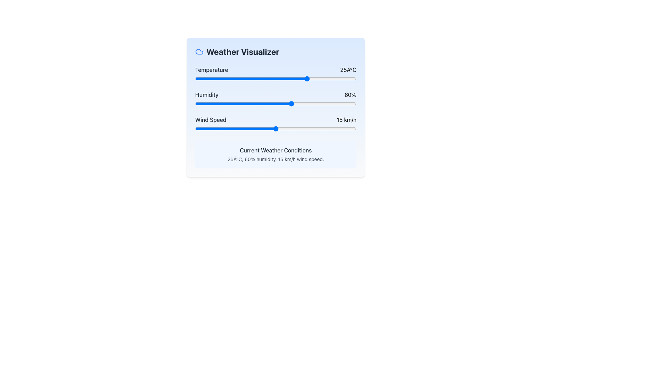  Describe the element at coordinates (275, 78) in the screenshot. I see `the temperature` at that location.